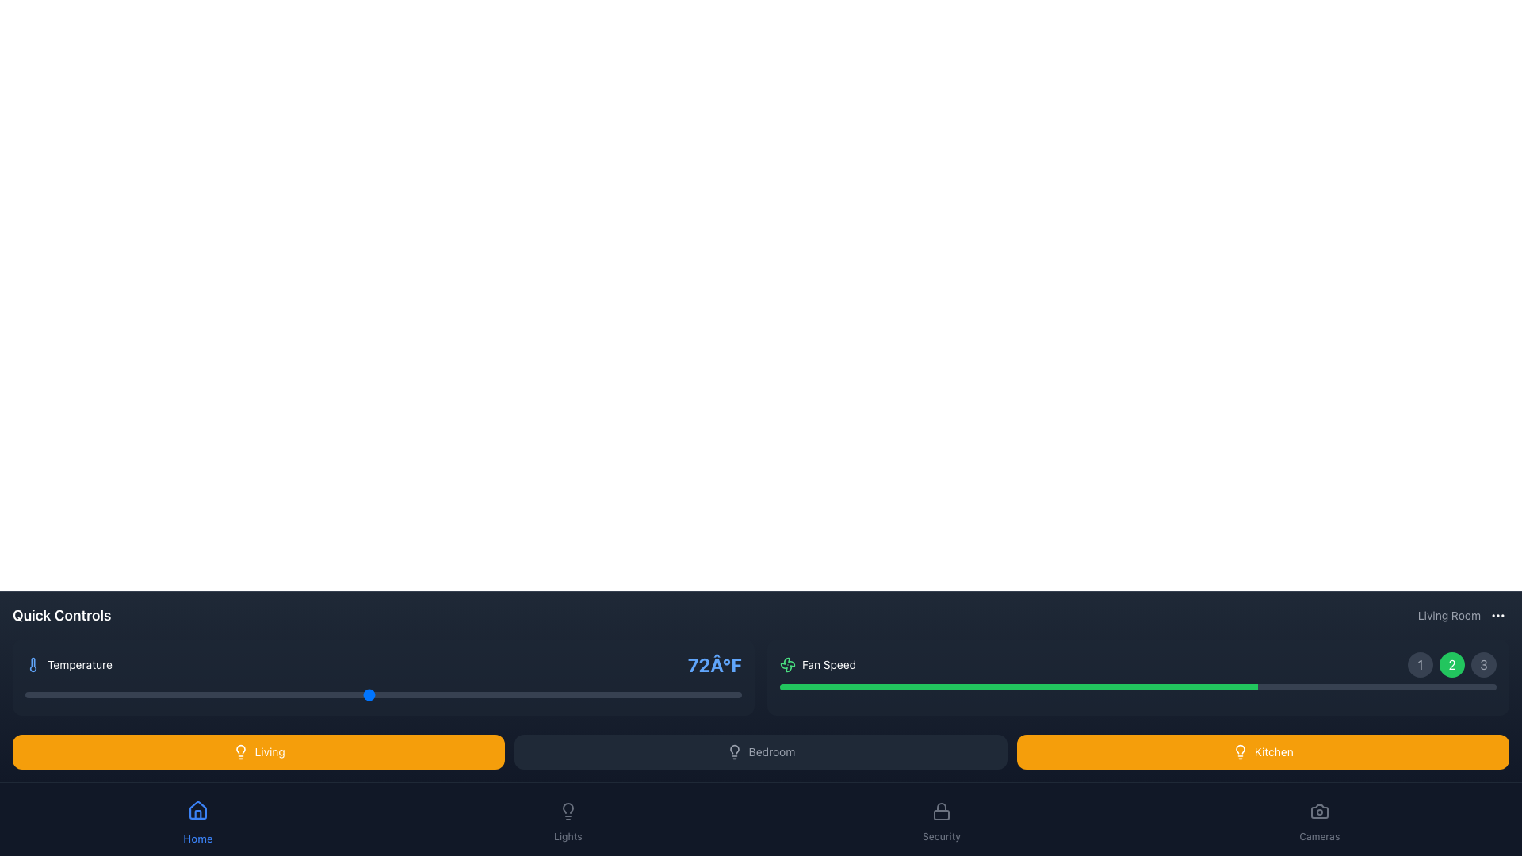 The width and height of the screenshot is (1522, 856). I want to click on the Control Panel element labeled 'Fan Speed' which includes selectable speed levels and a status indicator, so click(1137, 678).